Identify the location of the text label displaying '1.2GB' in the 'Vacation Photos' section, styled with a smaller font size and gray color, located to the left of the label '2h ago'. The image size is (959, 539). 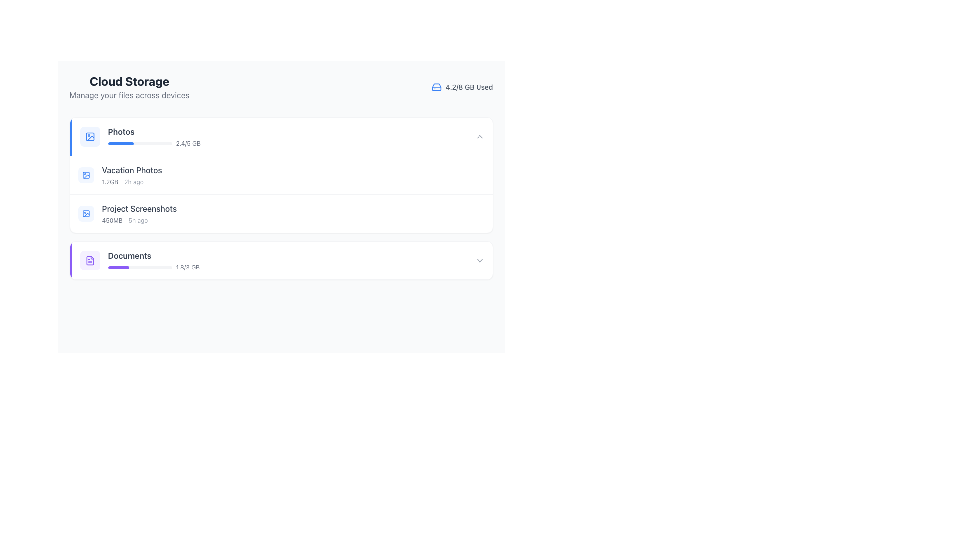
(110, 182).